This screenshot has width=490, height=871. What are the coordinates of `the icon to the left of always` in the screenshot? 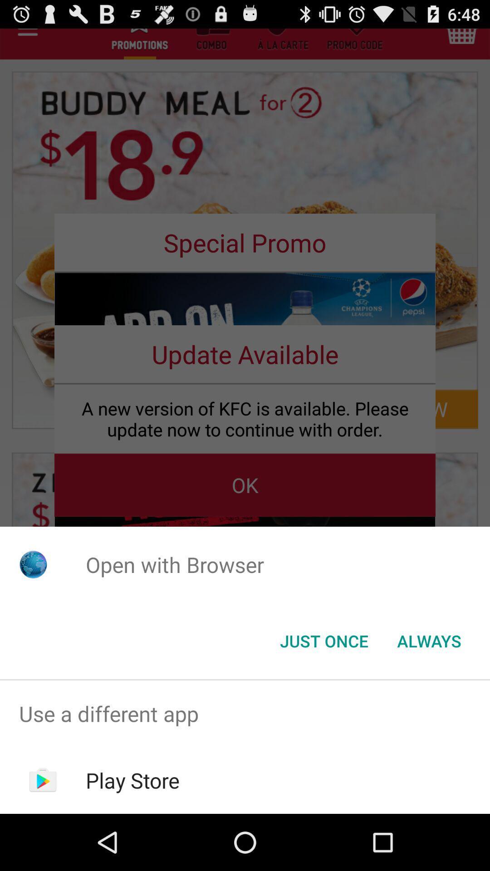 It's located at (323, 640).